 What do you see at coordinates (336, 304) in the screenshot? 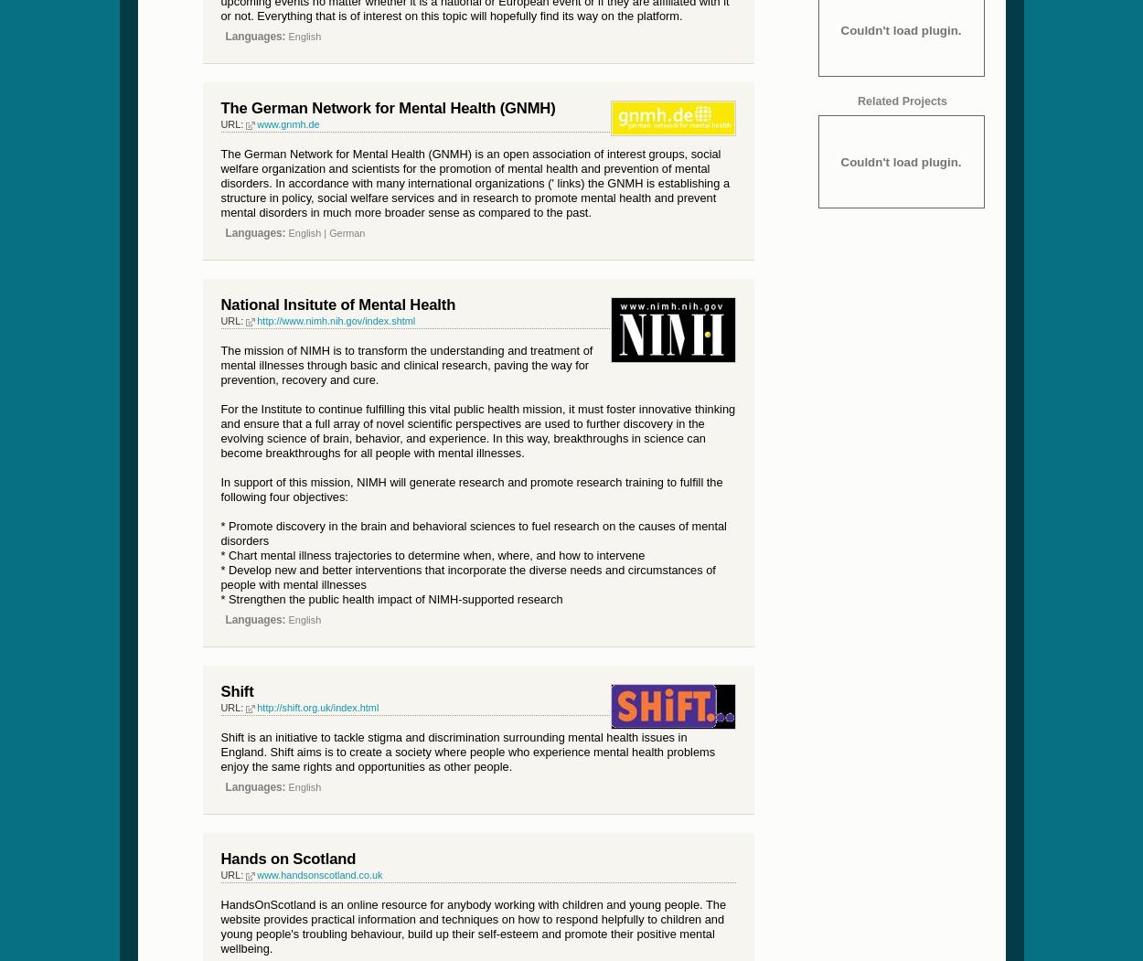
I see `'National Insitute of Mental Health'` at bounding box center [336, 304].